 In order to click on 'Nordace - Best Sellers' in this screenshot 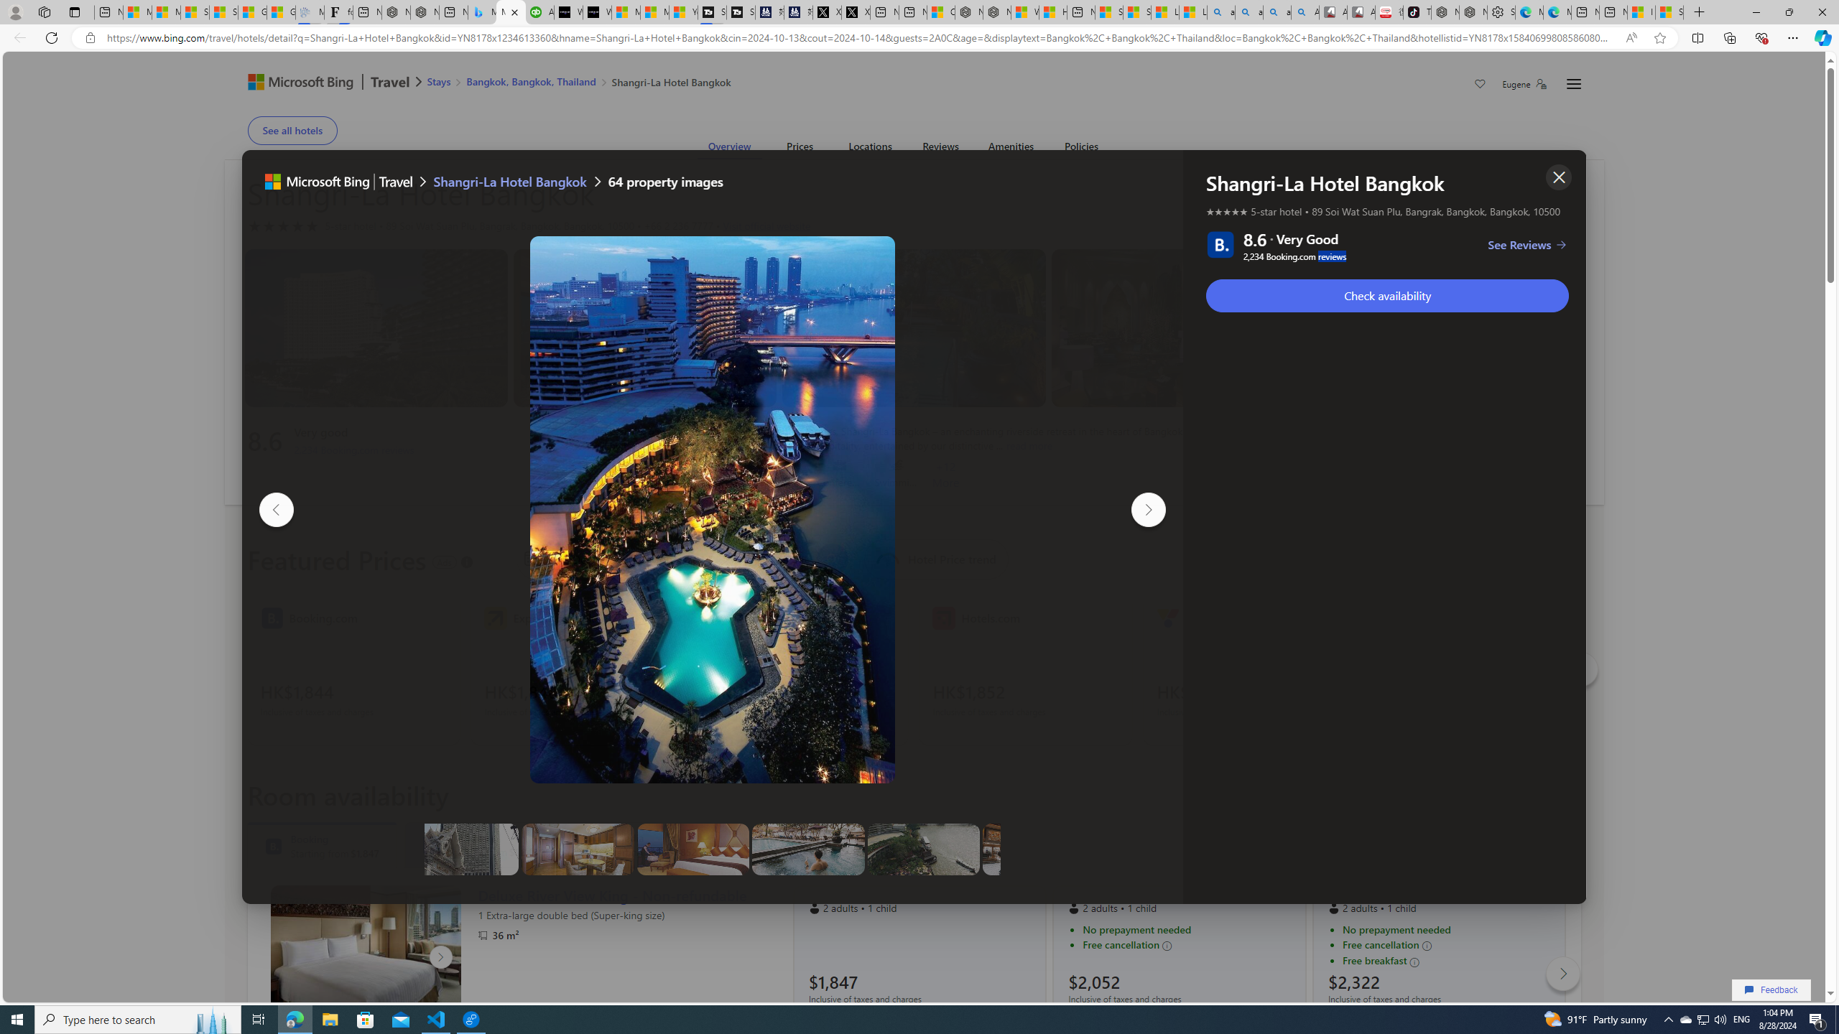, I will do `click(1445, 11)`.